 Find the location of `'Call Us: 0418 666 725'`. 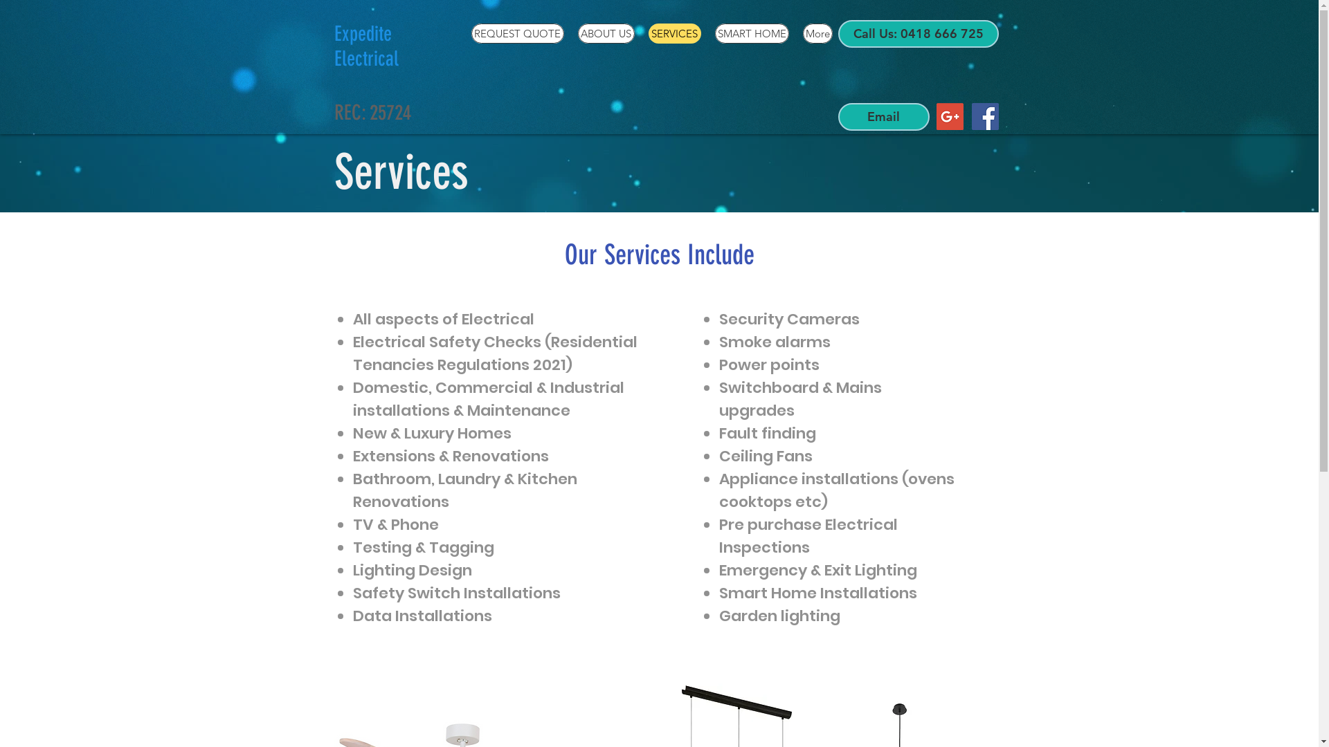

'Call Us: 0418 666 725' is located at coordinates (917, 33).